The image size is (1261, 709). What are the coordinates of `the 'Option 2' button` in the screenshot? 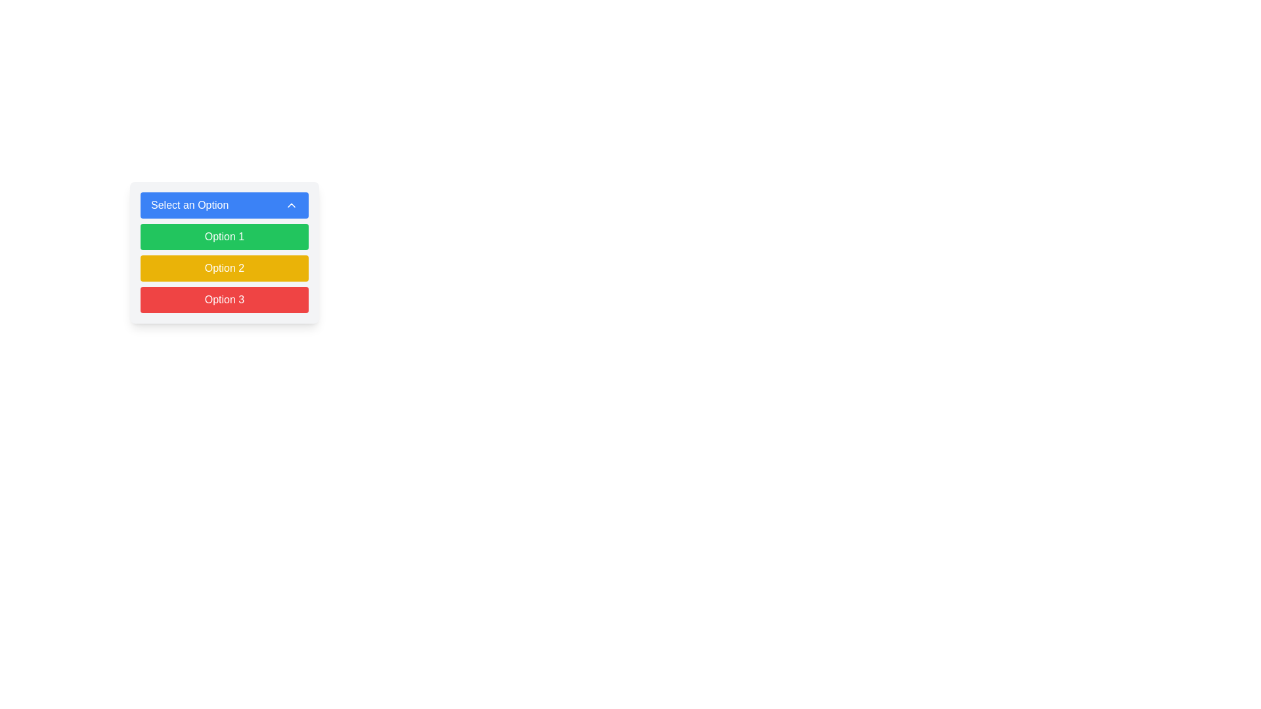 It's located at (224, 267).